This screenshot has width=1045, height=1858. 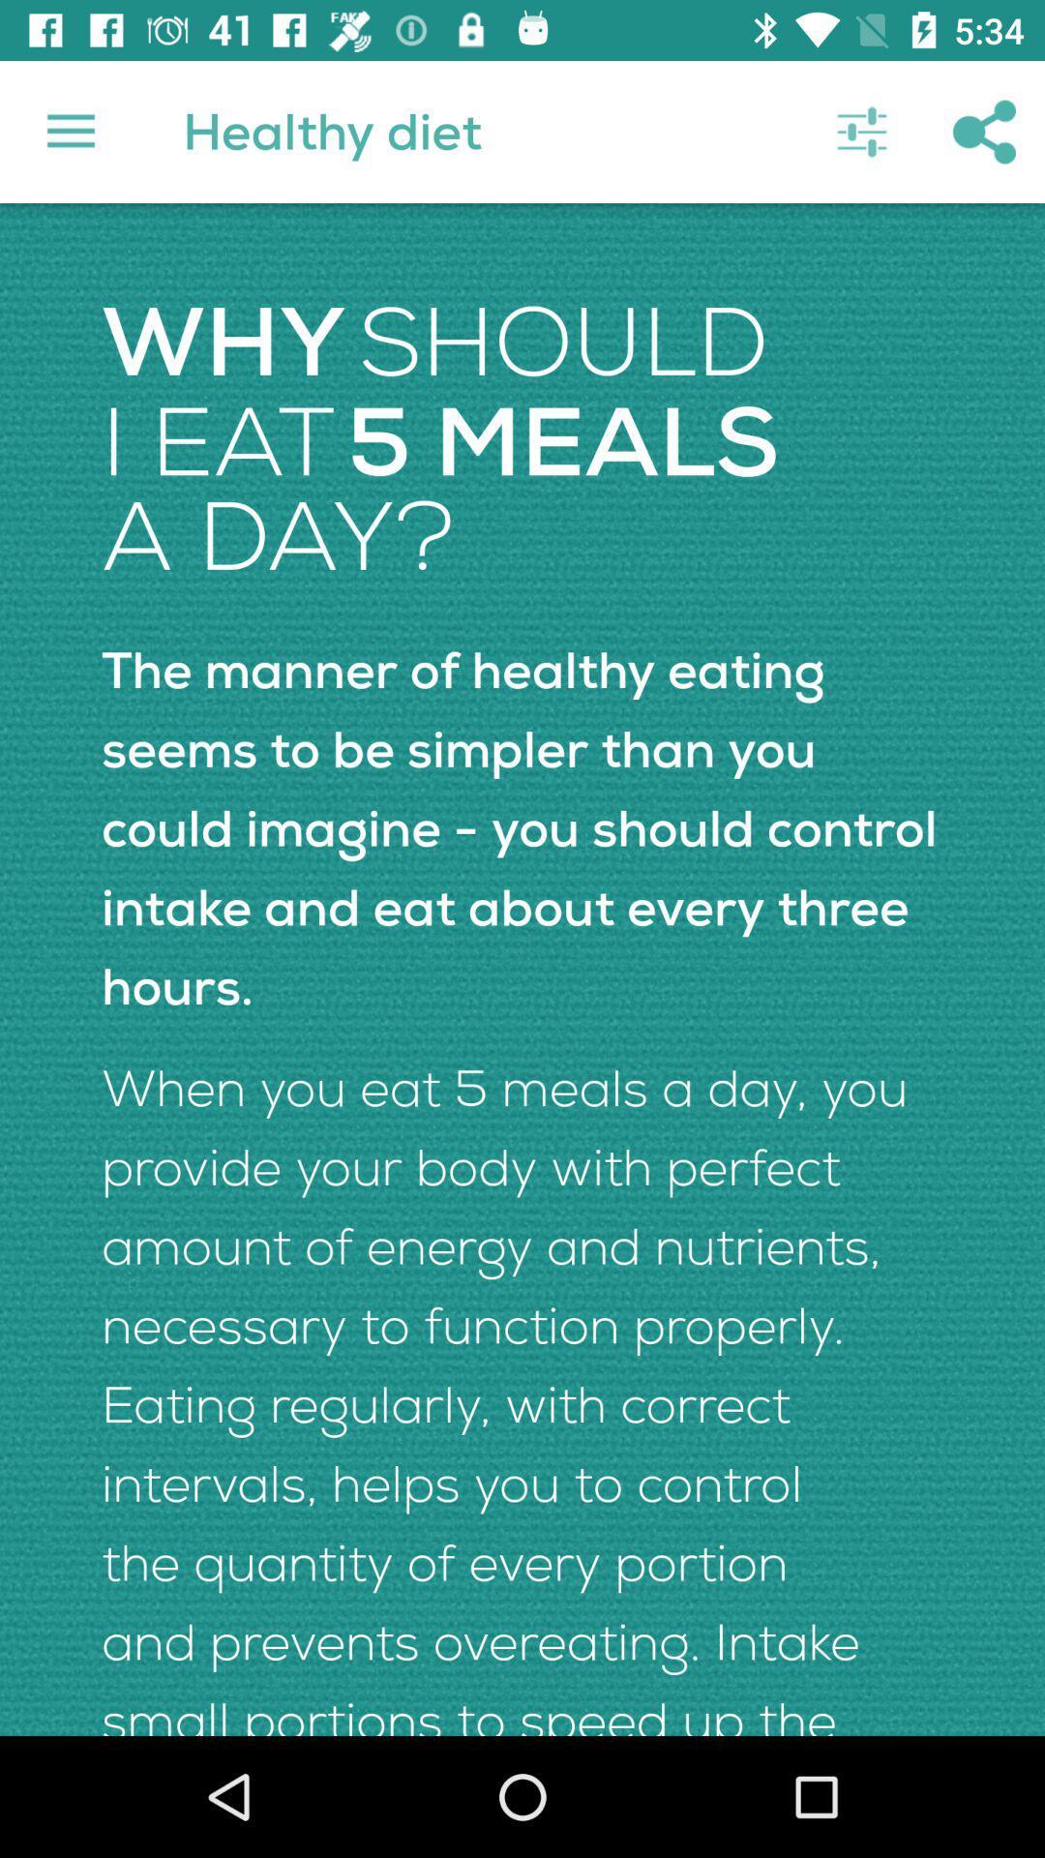 What do you see at coordinates (861, 131) in the screenshot?
I see `item next to the healthy diet icon` at bounding box center [861, 131].